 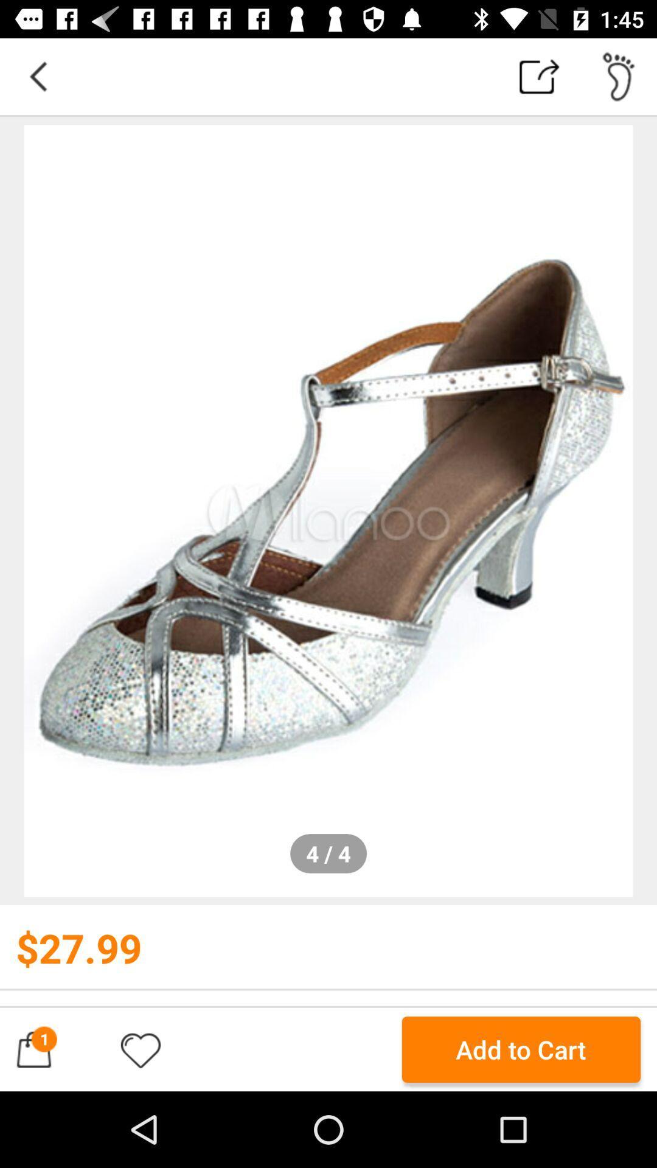 What do you see at coordinates (328, 511) in the screenshot?
I see `image 4/4` at bounding box center [328, 511].